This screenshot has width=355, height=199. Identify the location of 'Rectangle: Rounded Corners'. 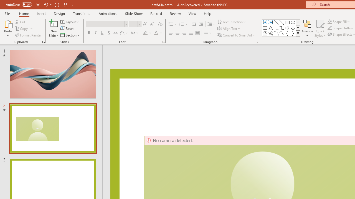
(265, 28).